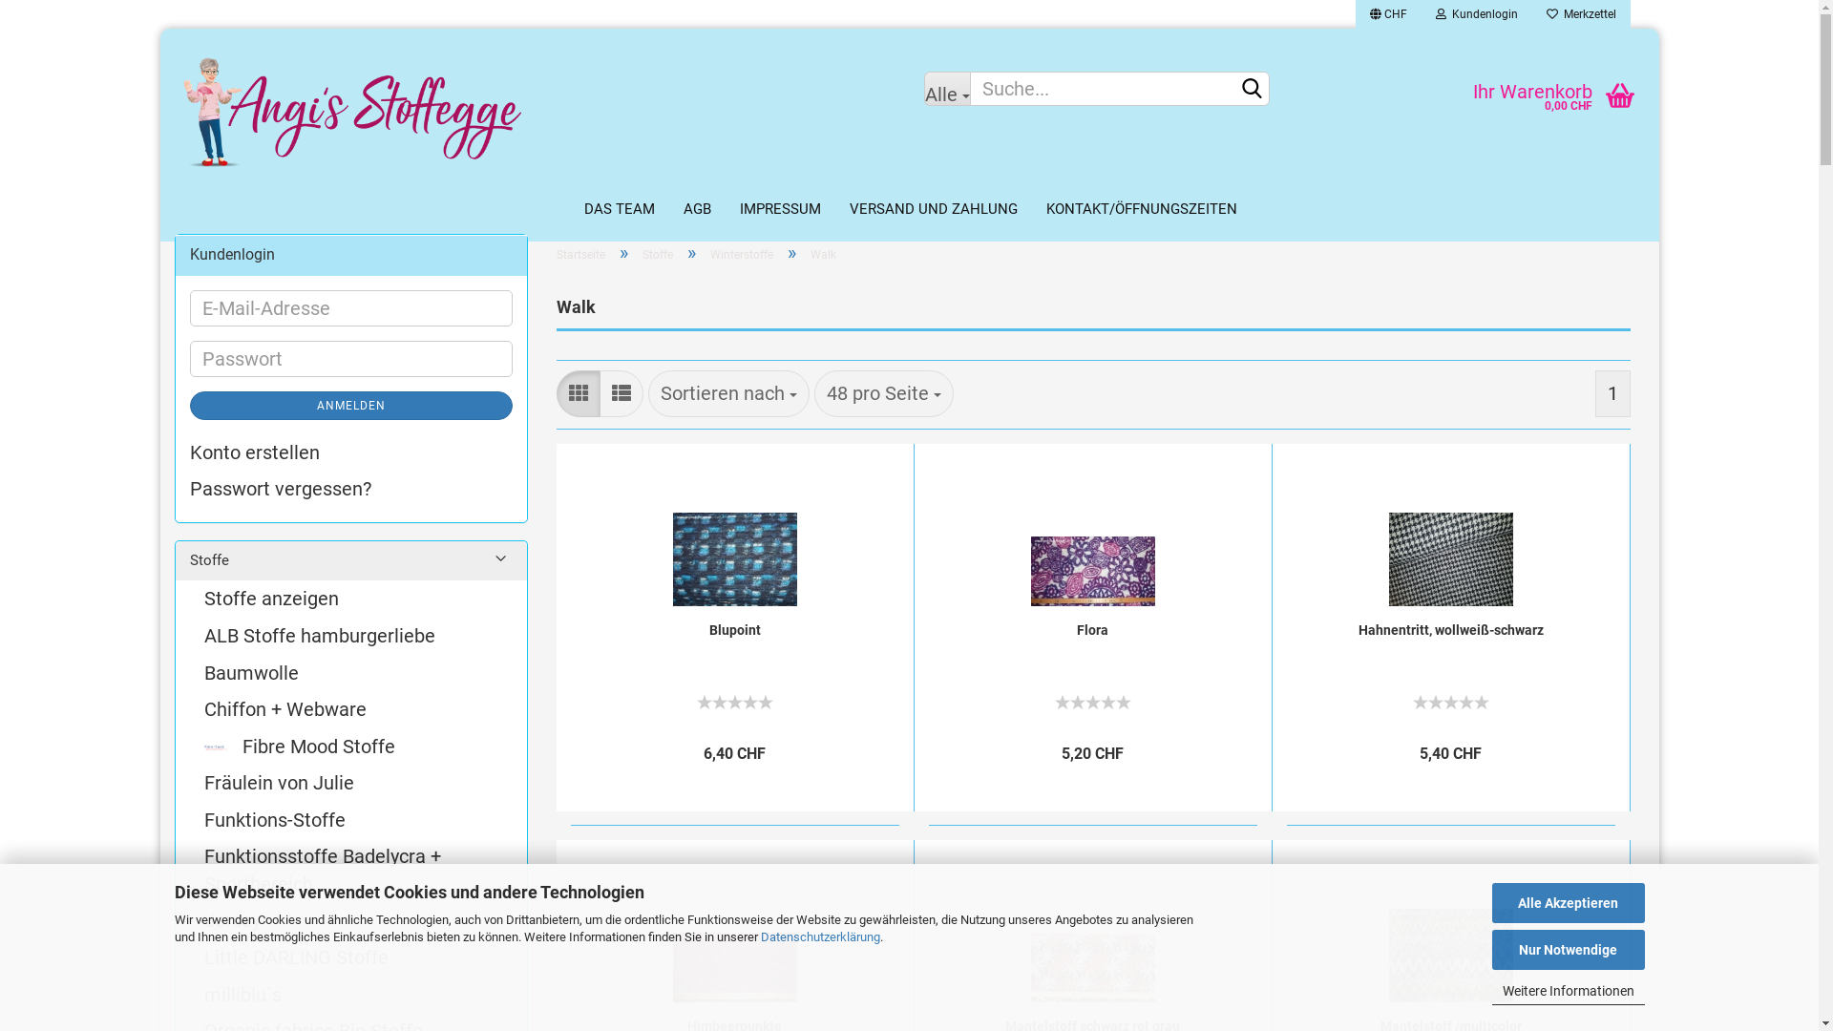  I want to click on '48 pro Seite', so click(882, 392).